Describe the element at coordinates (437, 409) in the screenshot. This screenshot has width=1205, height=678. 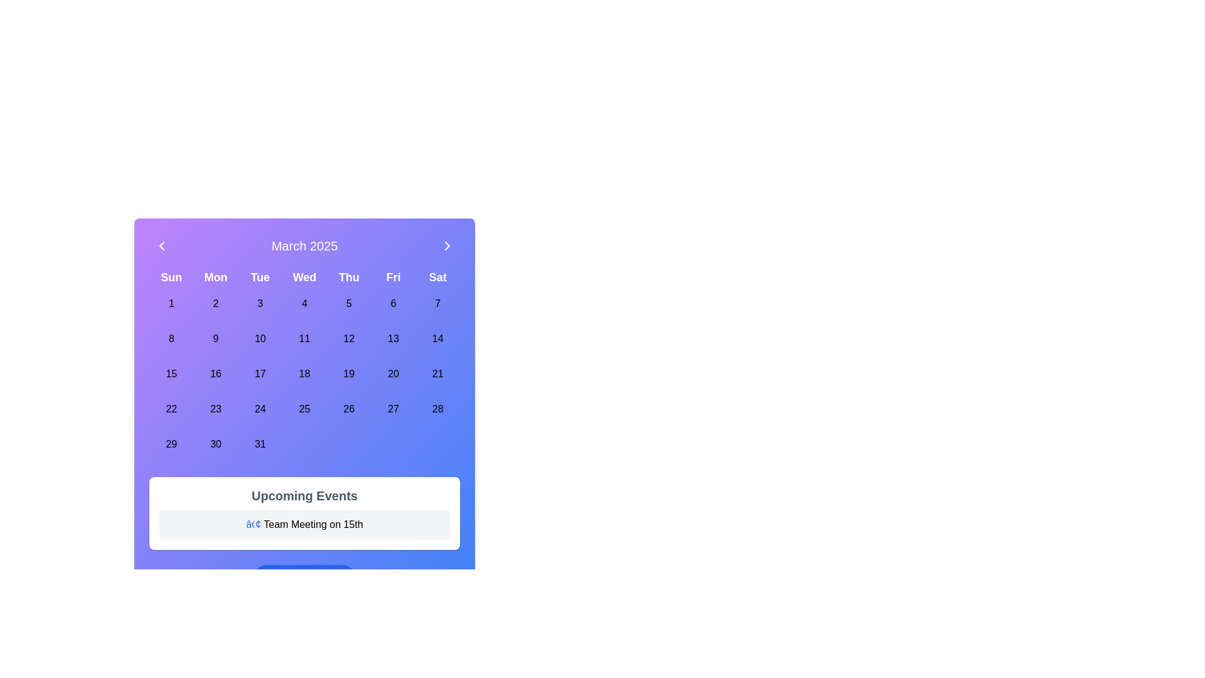
I see `the date '28' in the calendar, located in the last column under 'Sat'` at that location.